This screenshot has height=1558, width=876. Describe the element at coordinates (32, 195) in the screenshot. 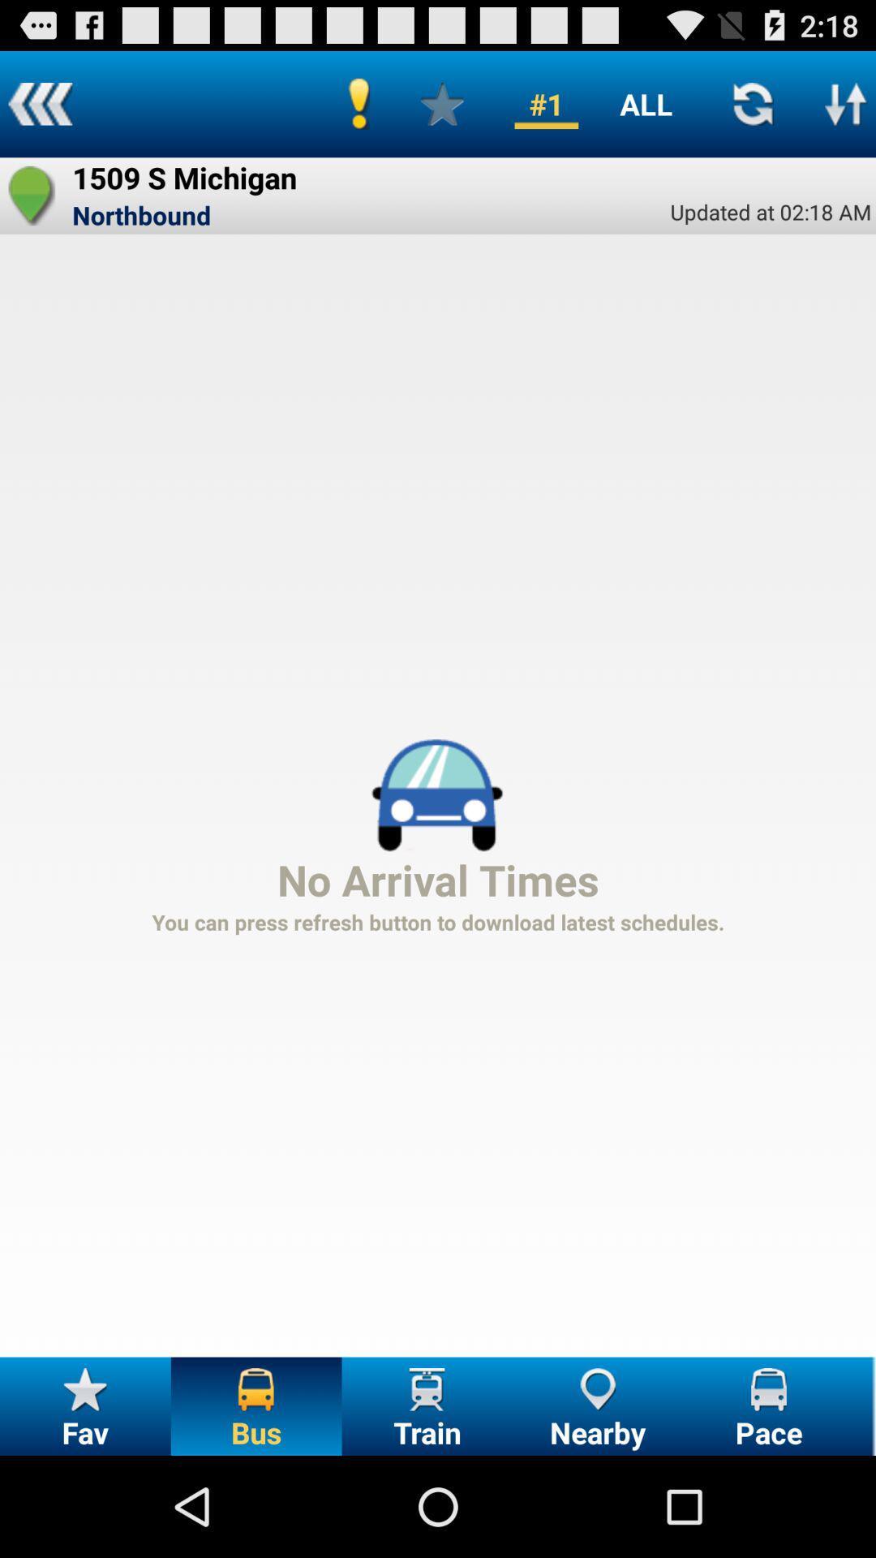

I see `location pin` at that location.